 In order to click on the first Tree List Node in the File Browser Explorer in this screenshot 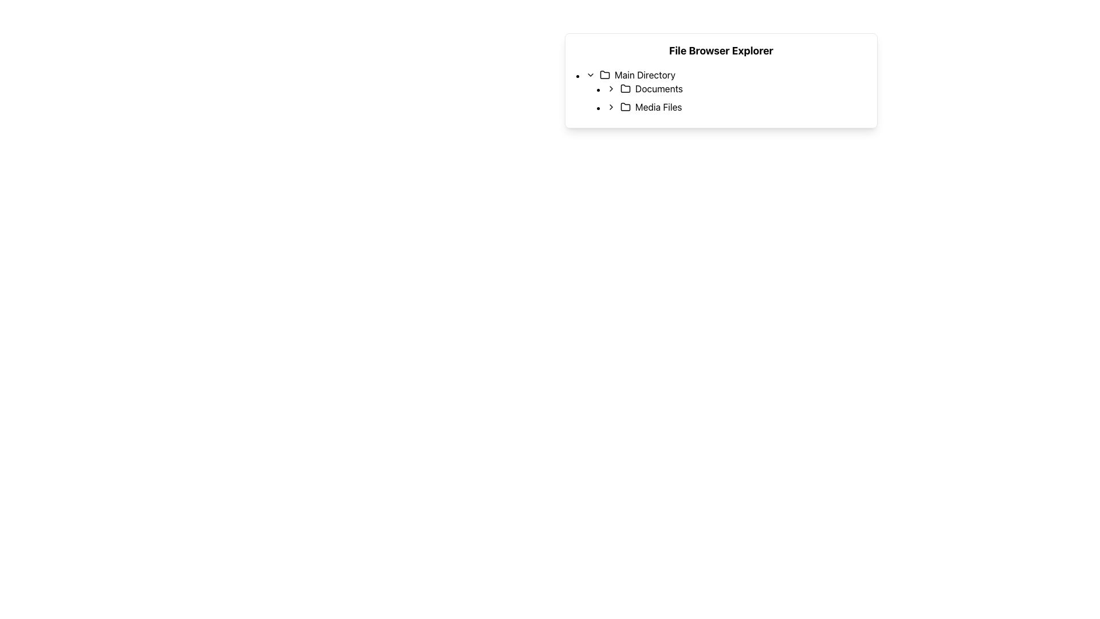, I will do `click(726, 90)`.